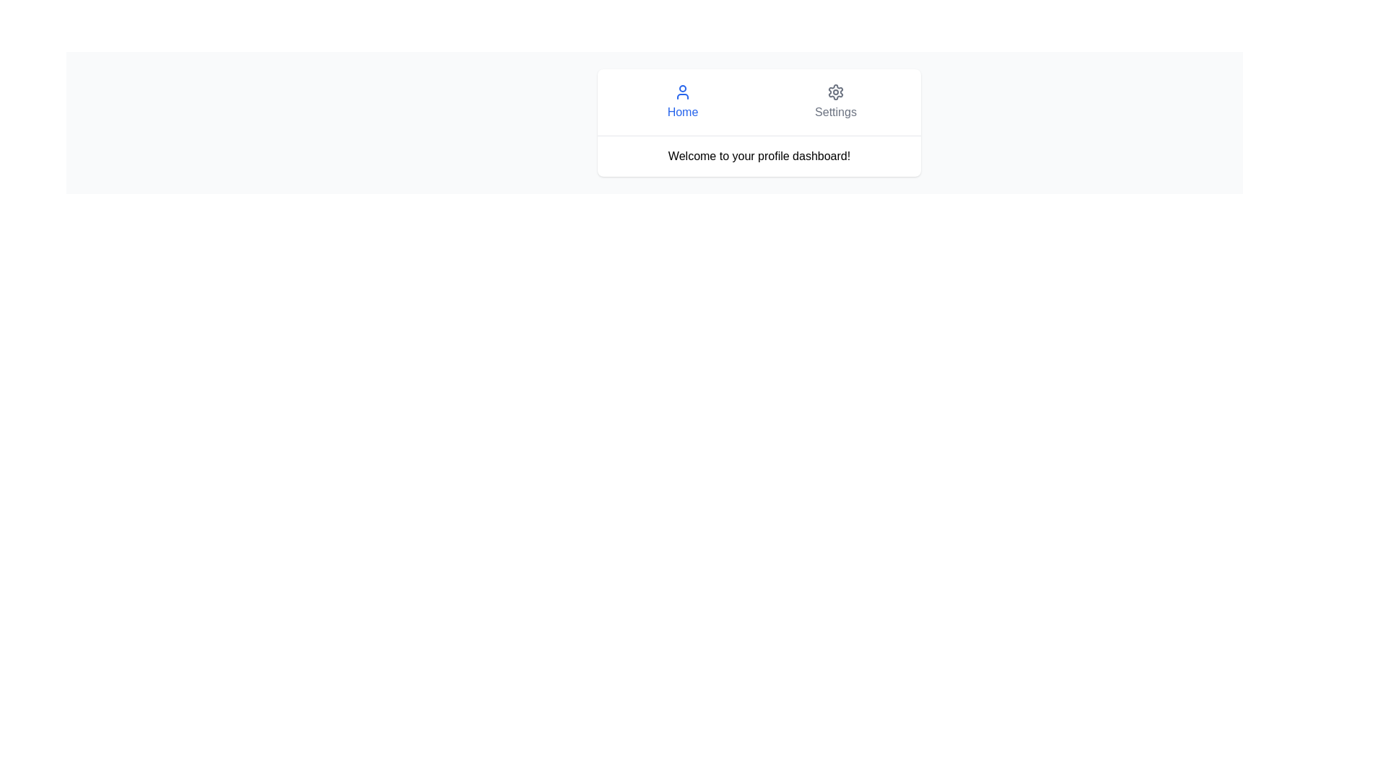 Image resolution: width=1386 pixels, height=779 pixels. Describe the element at coordinates (681, 102) in the screenshot. I see `the blue button labeled 'Home' with a user profile icon above it` at that location.